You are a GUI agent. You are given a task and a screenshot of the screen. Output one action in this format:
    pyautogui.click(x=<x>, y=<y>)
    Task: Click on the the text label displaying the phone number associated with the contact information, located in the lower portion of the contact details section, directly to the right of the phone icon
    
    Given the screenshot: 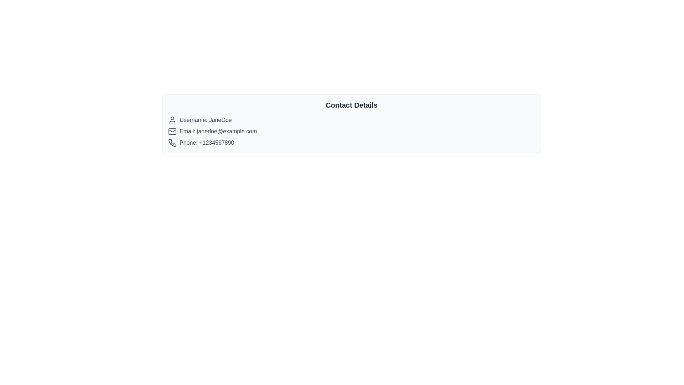 What is the action you would take?
    pyautogui.click(x=206, y=143)
    